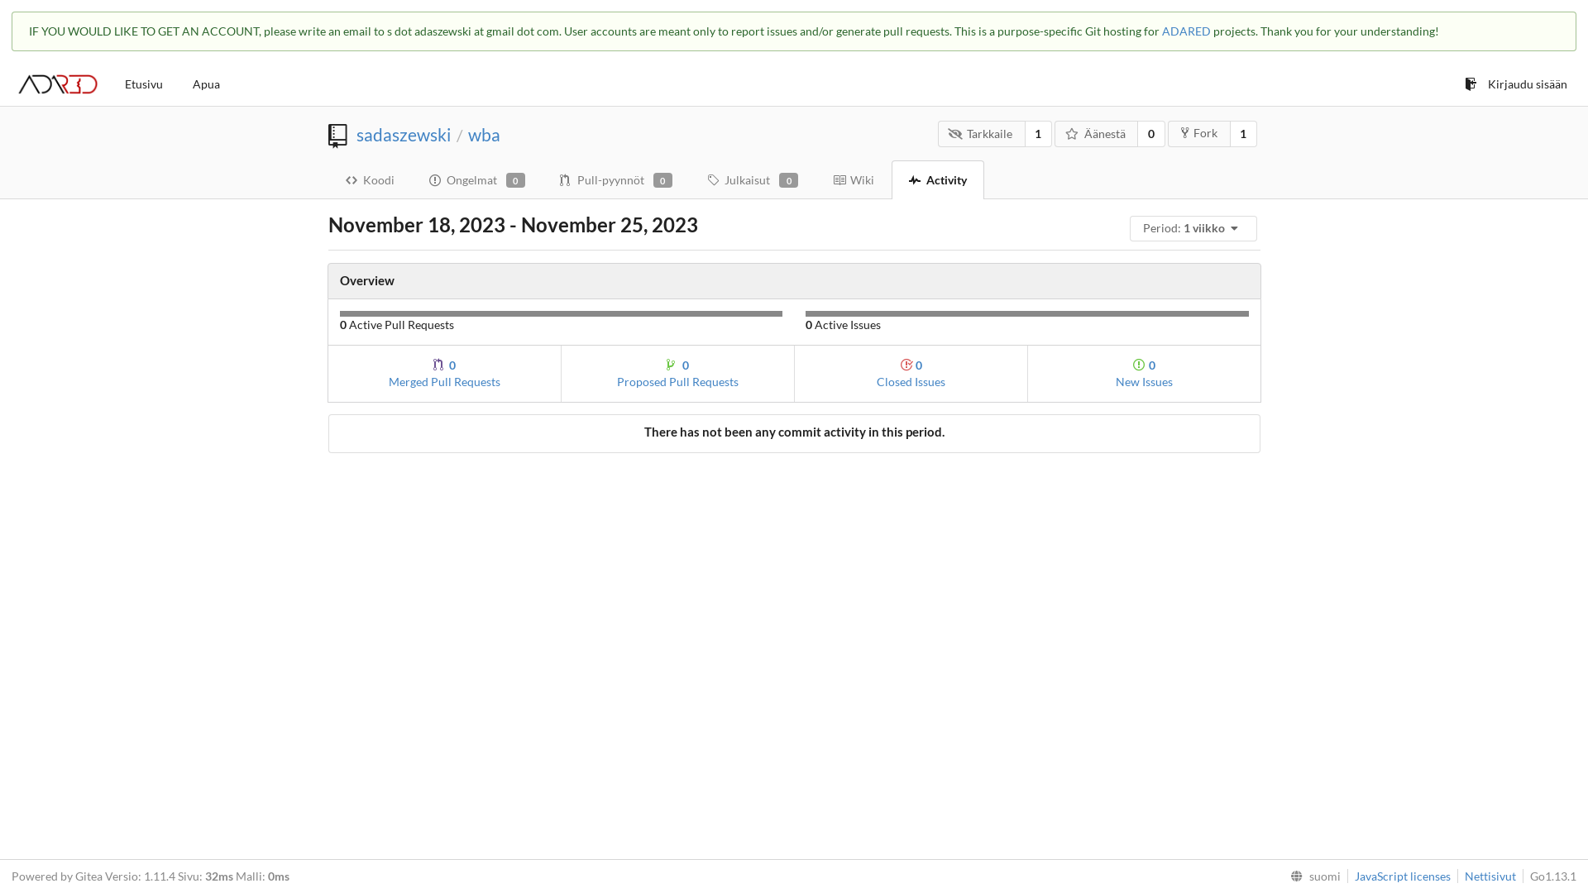  Describe the element at coordinates (1161, 31) in the screenshot. I see `'ADARED'` at that location.